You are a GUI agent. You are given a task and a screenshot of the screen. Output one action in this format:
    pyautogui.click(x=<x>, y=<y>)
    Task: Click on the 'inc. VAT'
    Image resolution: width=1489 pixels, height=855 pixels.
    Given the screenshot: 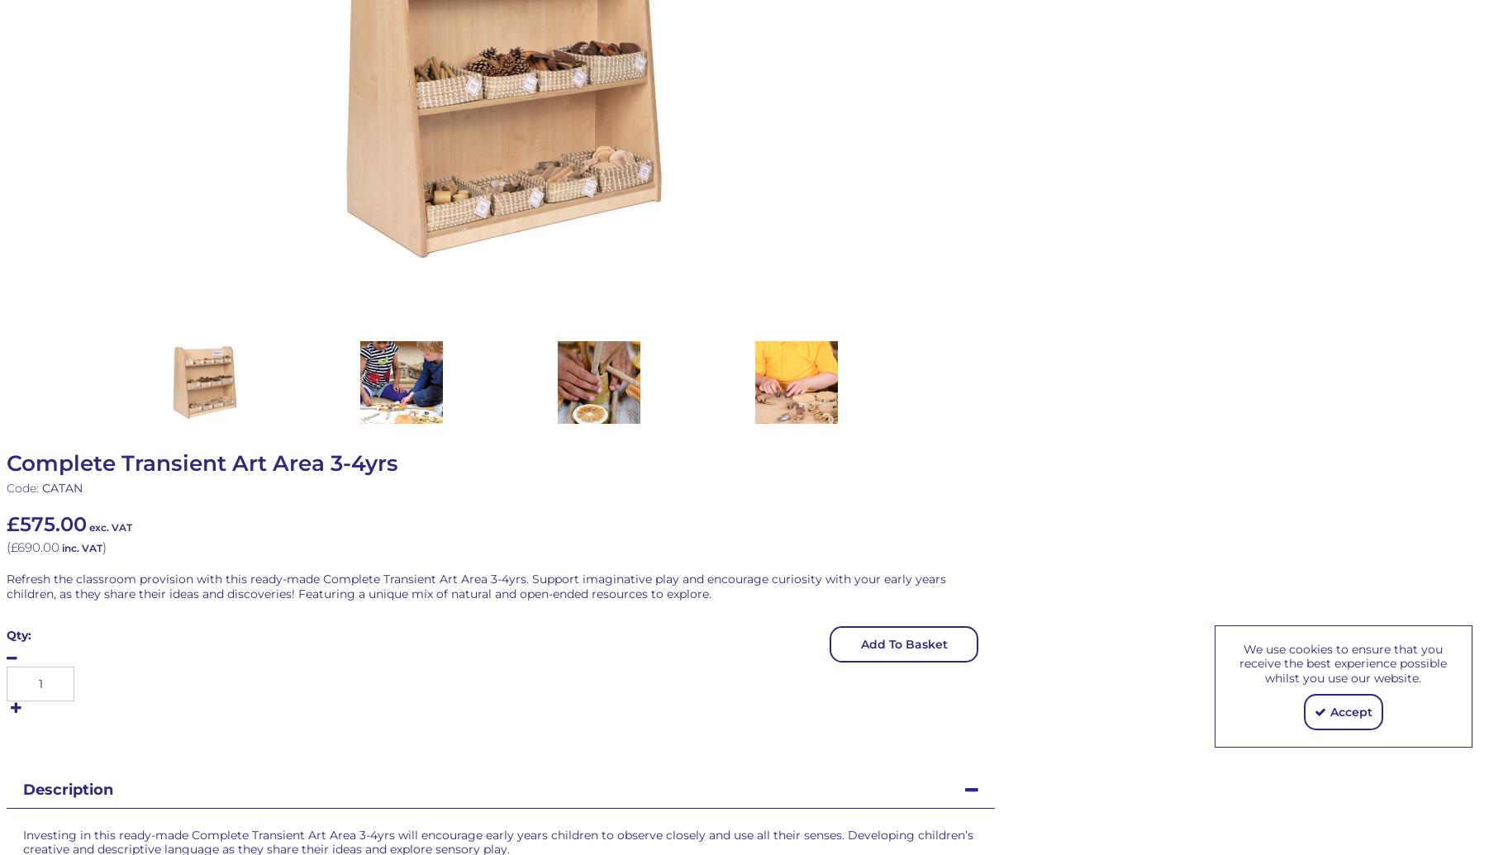 What is the action you would take?
    pyautogui.click(x=82, y=547)
    